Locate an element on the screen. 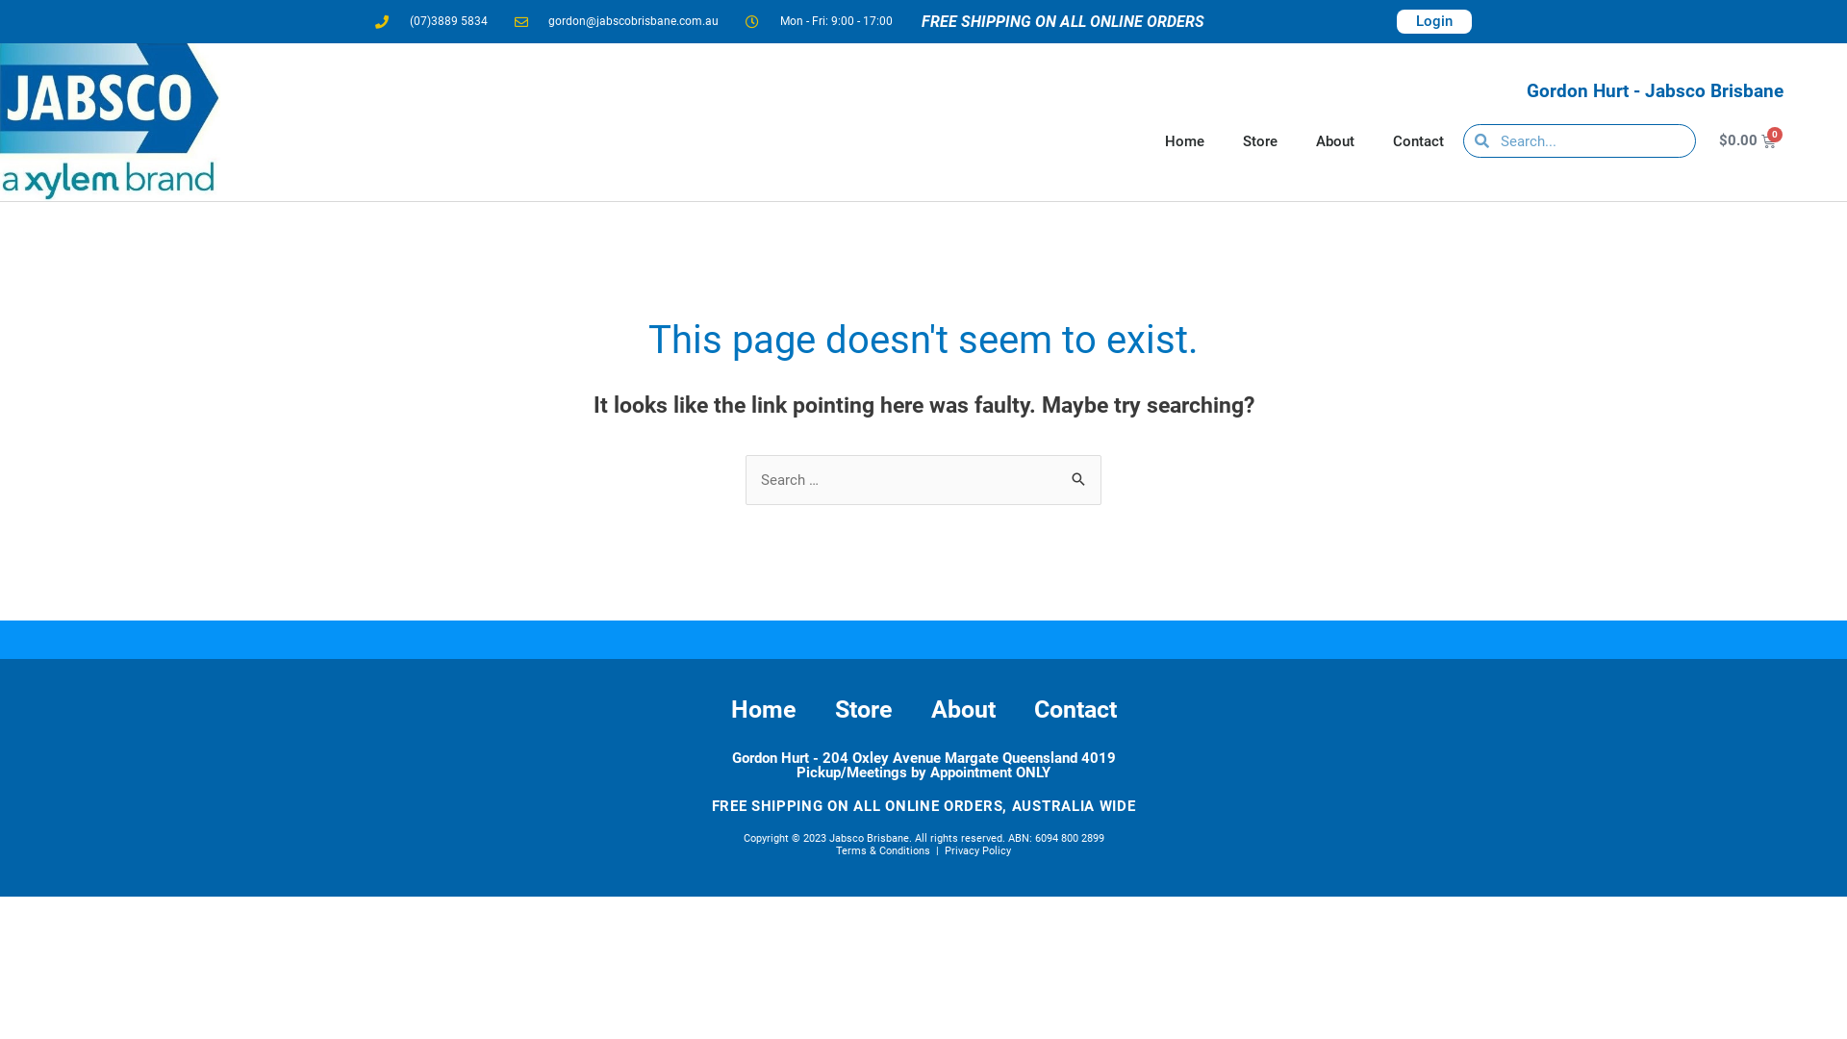 This screenshot has width=1847, height=1039. 'Store' is located at coordinates (862, 709).